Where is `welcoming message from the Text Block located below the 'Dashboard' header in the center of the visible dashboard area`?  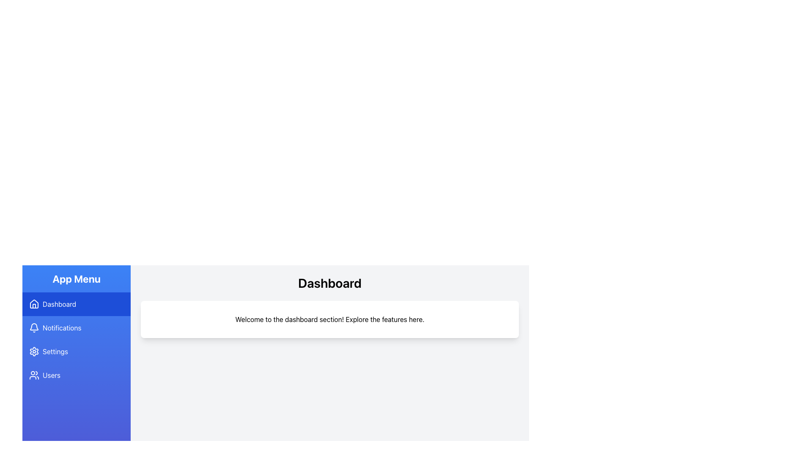
welcoming message from the Text Block located below the 'Dashboard' header in the center of the visible dashboard area is located at coordinates (329, 319).